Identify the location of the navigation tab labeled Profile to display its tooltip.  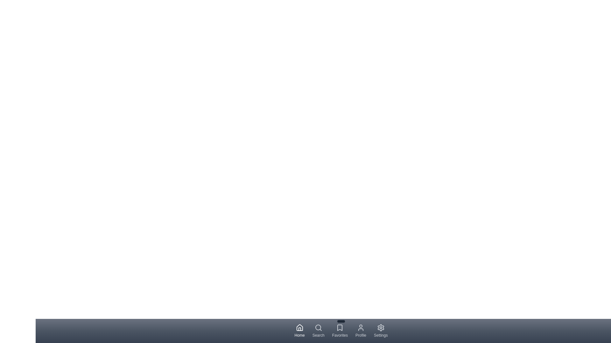
(361, 330).